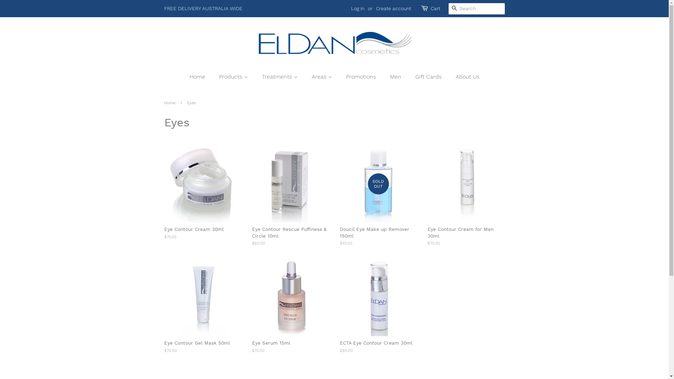  What do you see at coordinates (396, 77) in the screenshot?
I see `'Men'` at bounding box center [396, 77].